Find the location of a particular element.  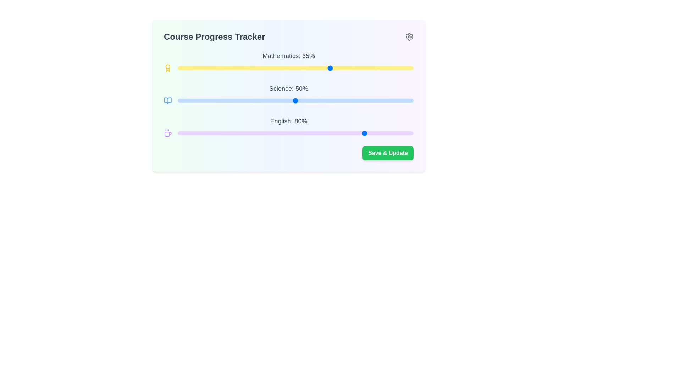

the Science progress slider is located at coordinates (305, 101).